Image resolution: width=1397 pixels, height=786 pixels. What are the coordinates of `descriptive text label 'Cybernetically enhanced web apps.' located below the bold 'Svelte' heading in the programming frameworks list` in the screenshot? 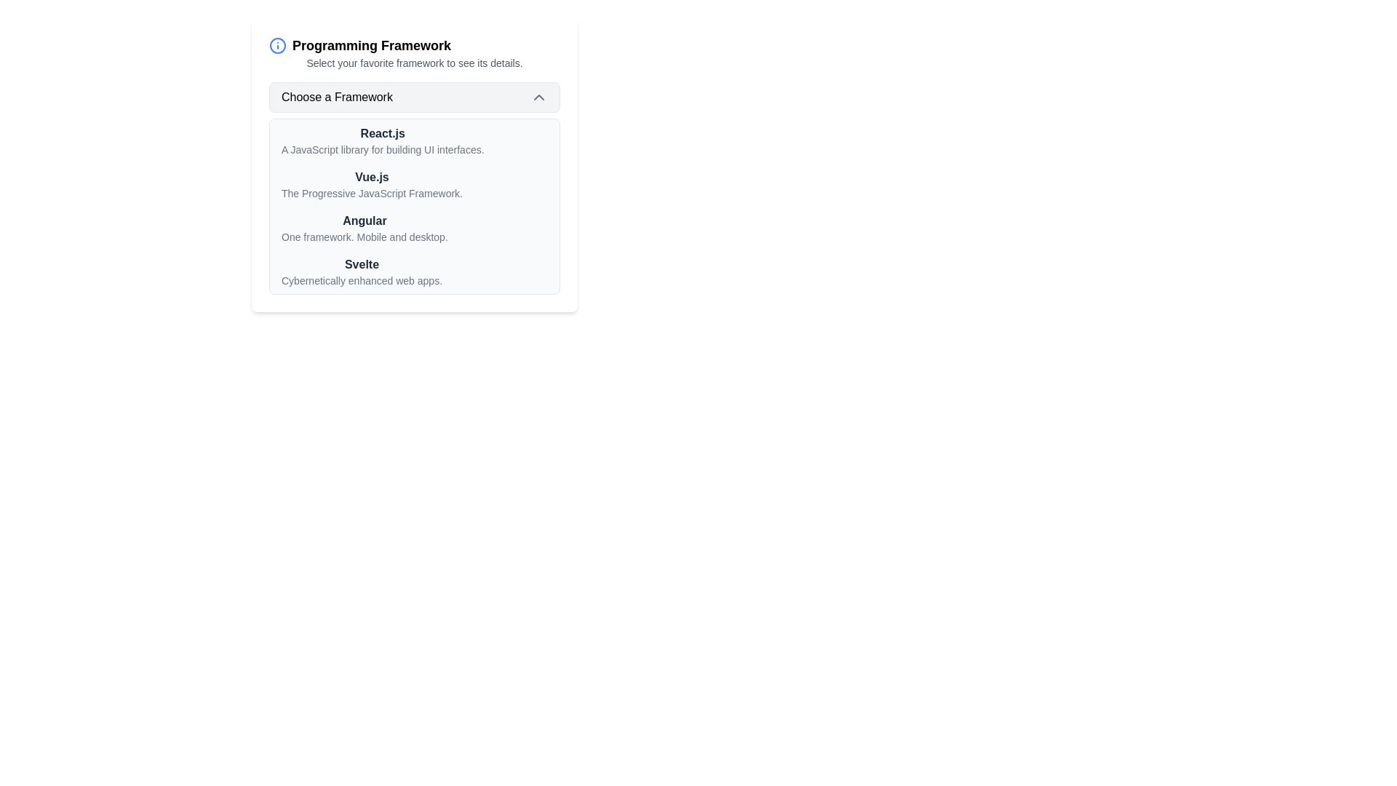 It's located at (362, 280).